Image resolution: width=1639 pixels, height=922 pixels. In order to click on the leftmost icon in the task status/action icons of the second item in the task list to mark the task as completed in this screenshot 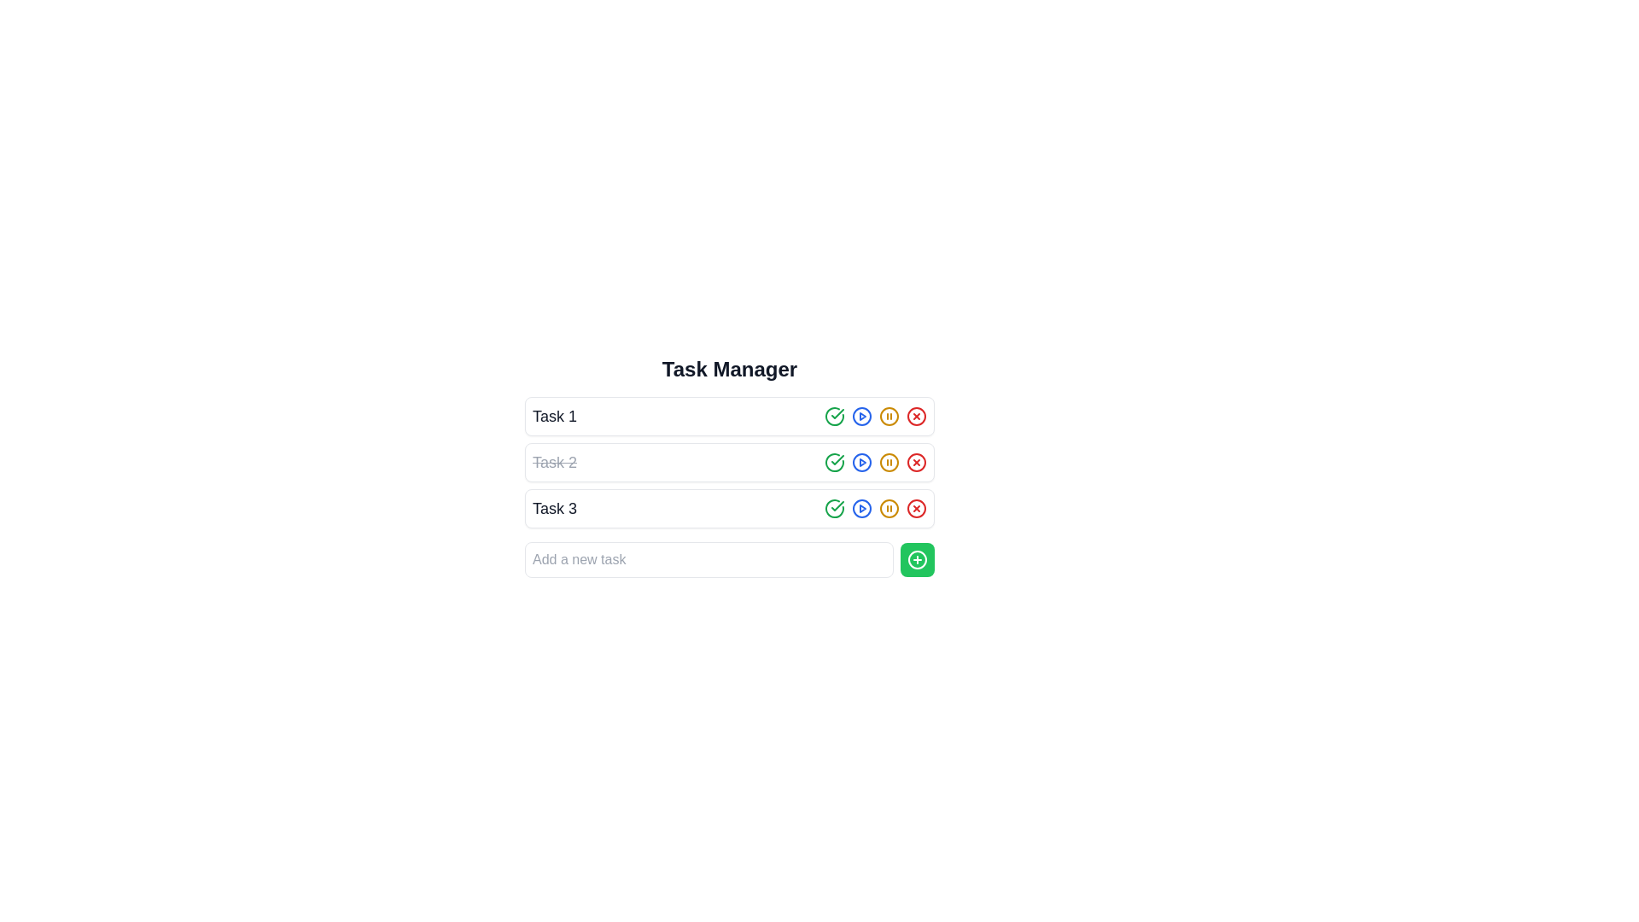, I will do `click(835, 463)`.